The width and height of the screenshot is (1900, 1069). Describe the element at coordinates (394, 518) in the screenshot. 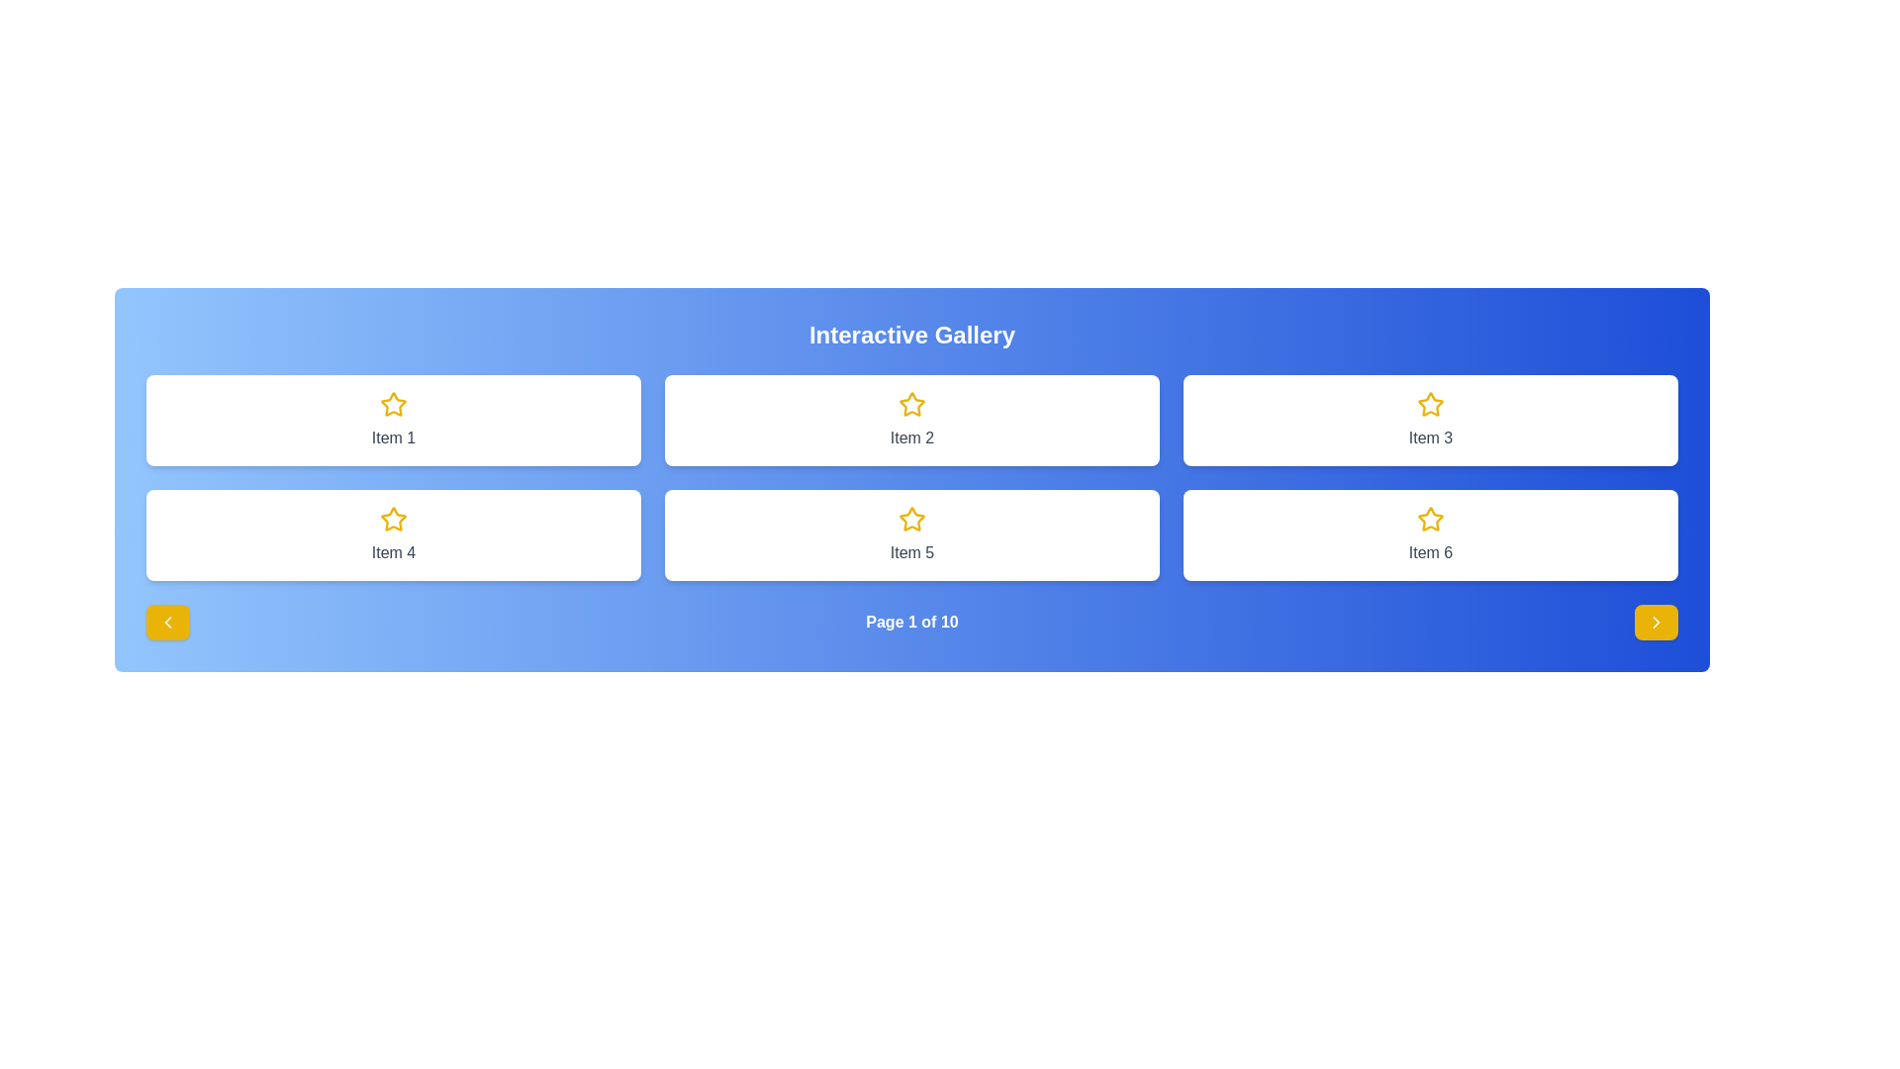

I see `the graphical representation of the rating star located in the fourth item of a grid layout` at that location.